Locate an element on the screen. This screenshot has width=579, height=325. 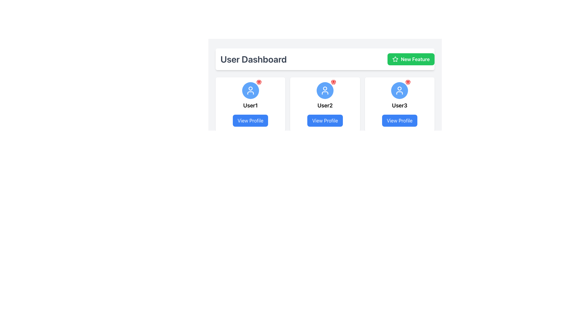
the button located at the bottom of the card featuring 'User1' is located at coordinates (250, 121).